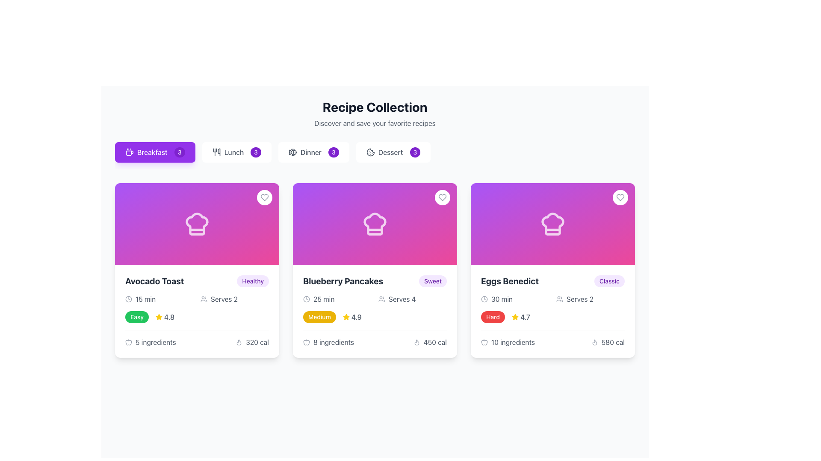 This screenshot has height=461, width=821. I want to click on the small, apple-shaped gray icon located within the 'Blueberry Pancakes' card, just before the number of ingredients text in the '8 ingredients' section, so click(306, 342).